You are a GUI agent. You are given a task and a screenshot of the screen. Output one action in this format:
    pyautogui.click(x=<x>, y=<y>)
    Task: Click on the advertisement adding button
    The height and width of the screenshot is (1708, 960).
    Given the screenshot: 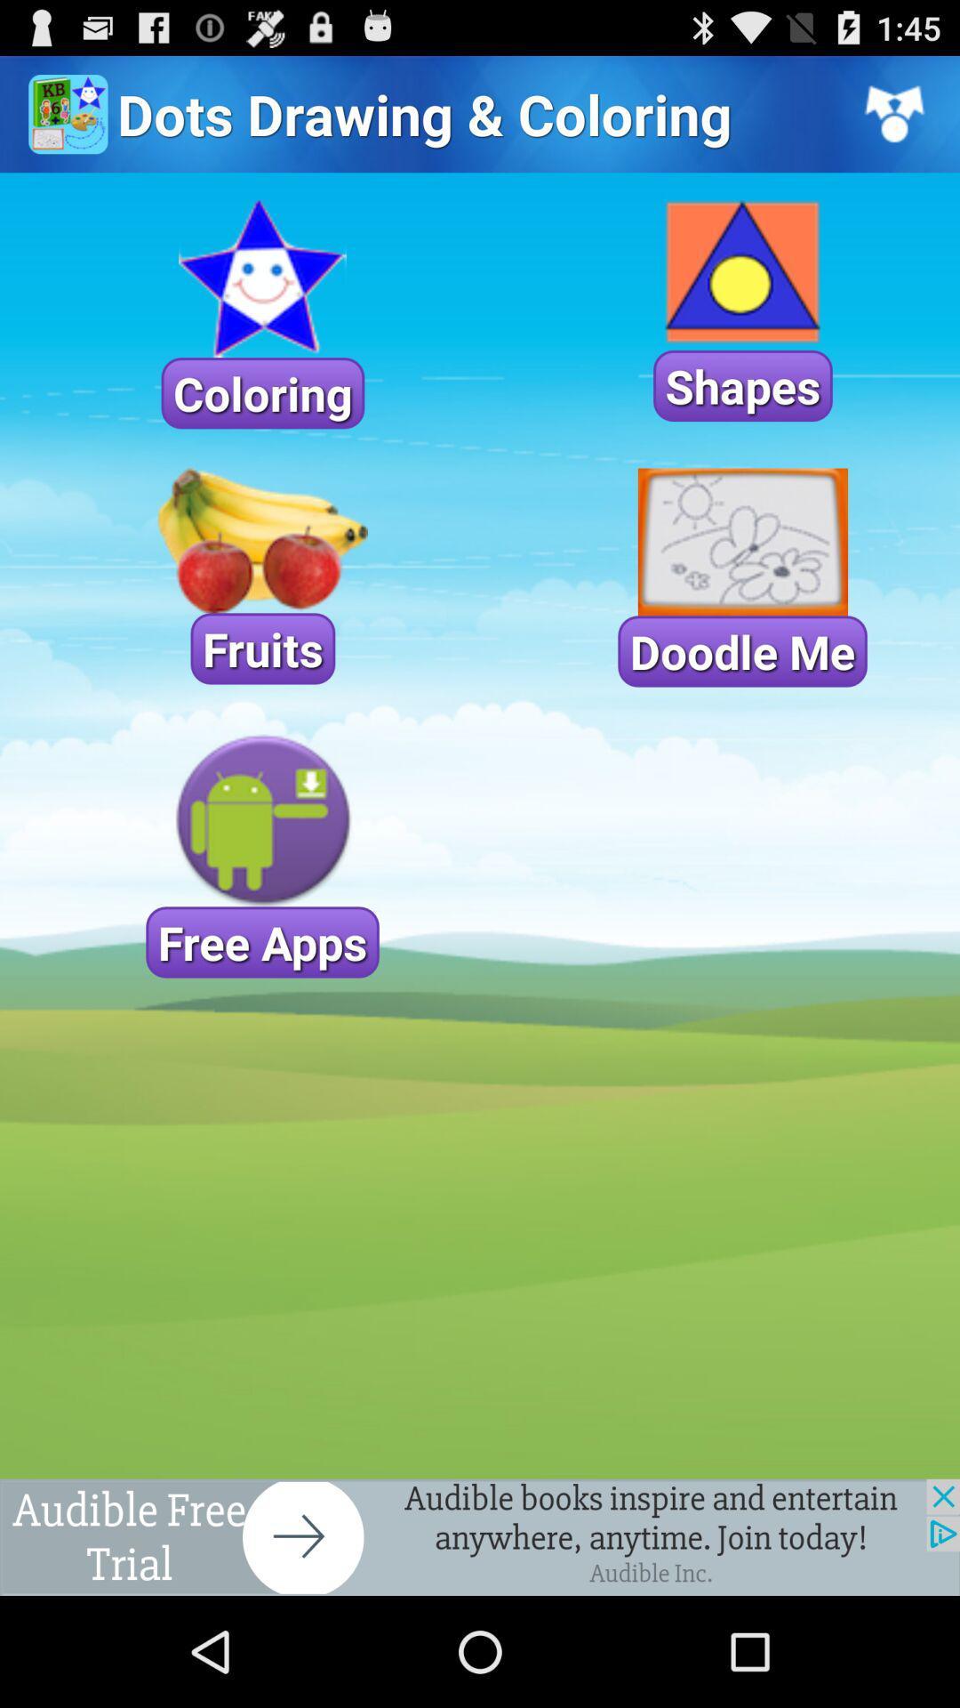 What is the action you would take?
    pyautogui.click(x=480, y=1536)
    